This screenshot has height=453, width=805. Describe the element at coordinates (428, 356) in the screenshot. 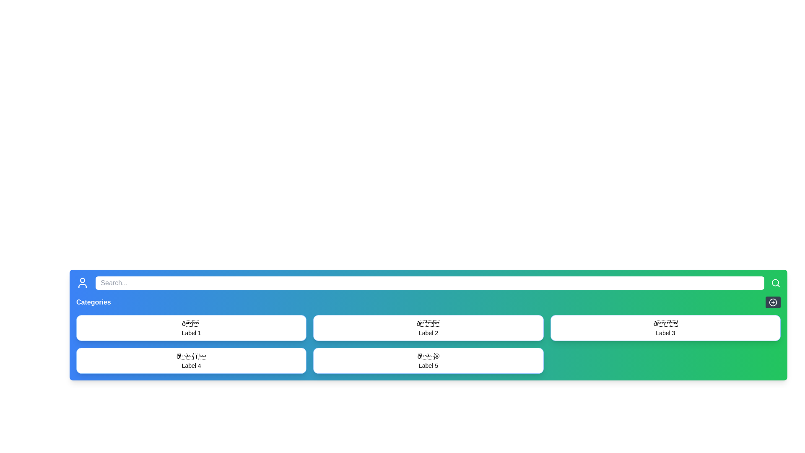

I see `the decorative icon positioned at the top-center of the block containing 'Label 5'` at that location.